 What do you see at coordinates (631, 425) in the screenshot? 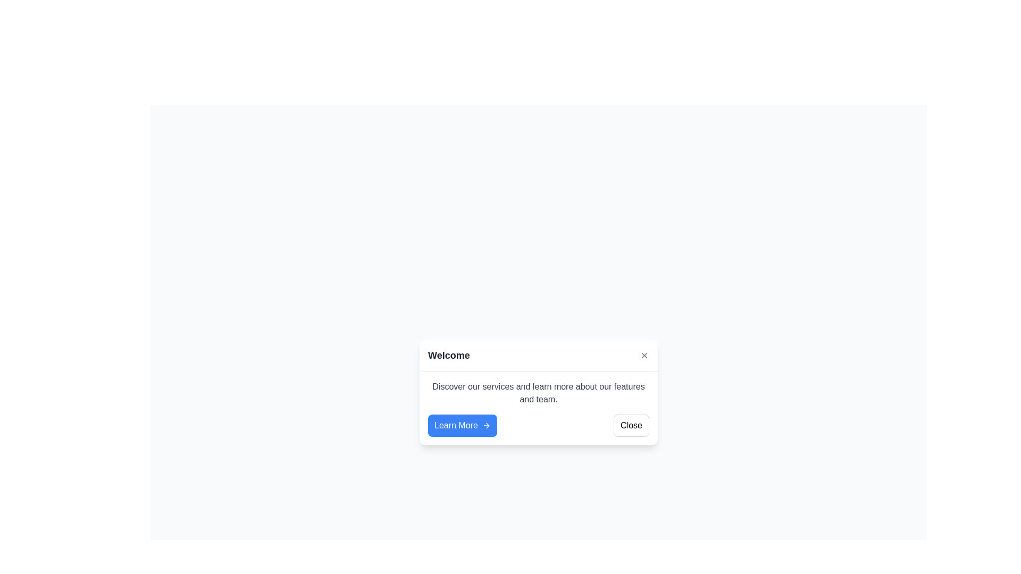
I see `the 'Close' button located at the bottom right of the modal` at bounding box center [631, 425].